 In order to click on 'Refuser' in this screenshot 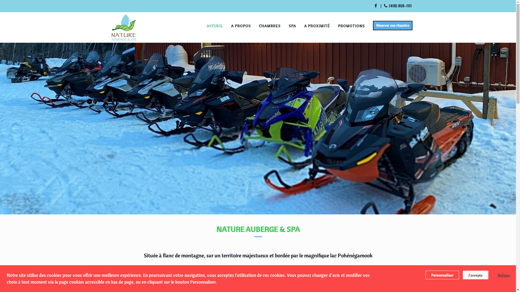, I will do `click(501, 275)`.